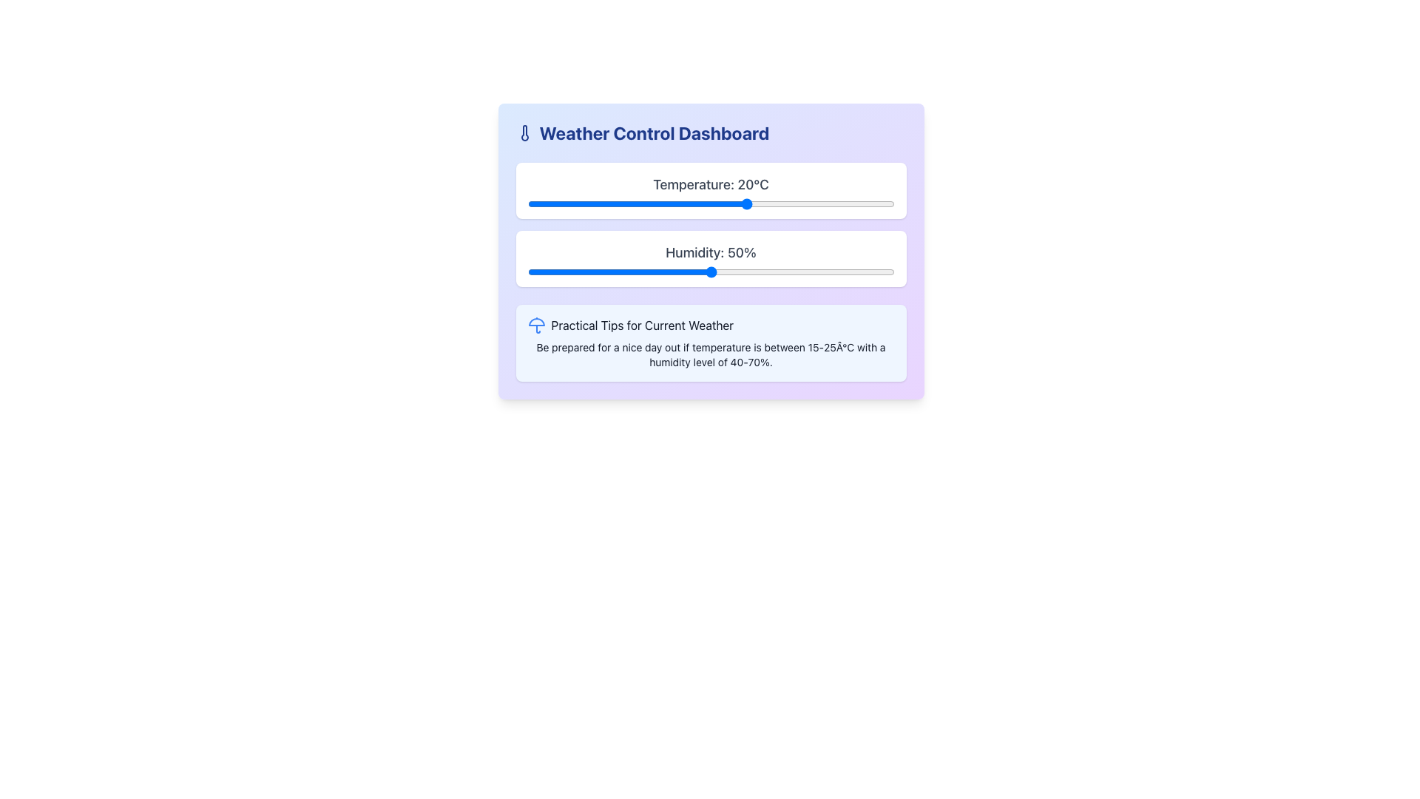 This screenshot has height=799, width=1420. Describe the element at coordinates (783, 204) in the screenshot. I see `the temperature` at that location.